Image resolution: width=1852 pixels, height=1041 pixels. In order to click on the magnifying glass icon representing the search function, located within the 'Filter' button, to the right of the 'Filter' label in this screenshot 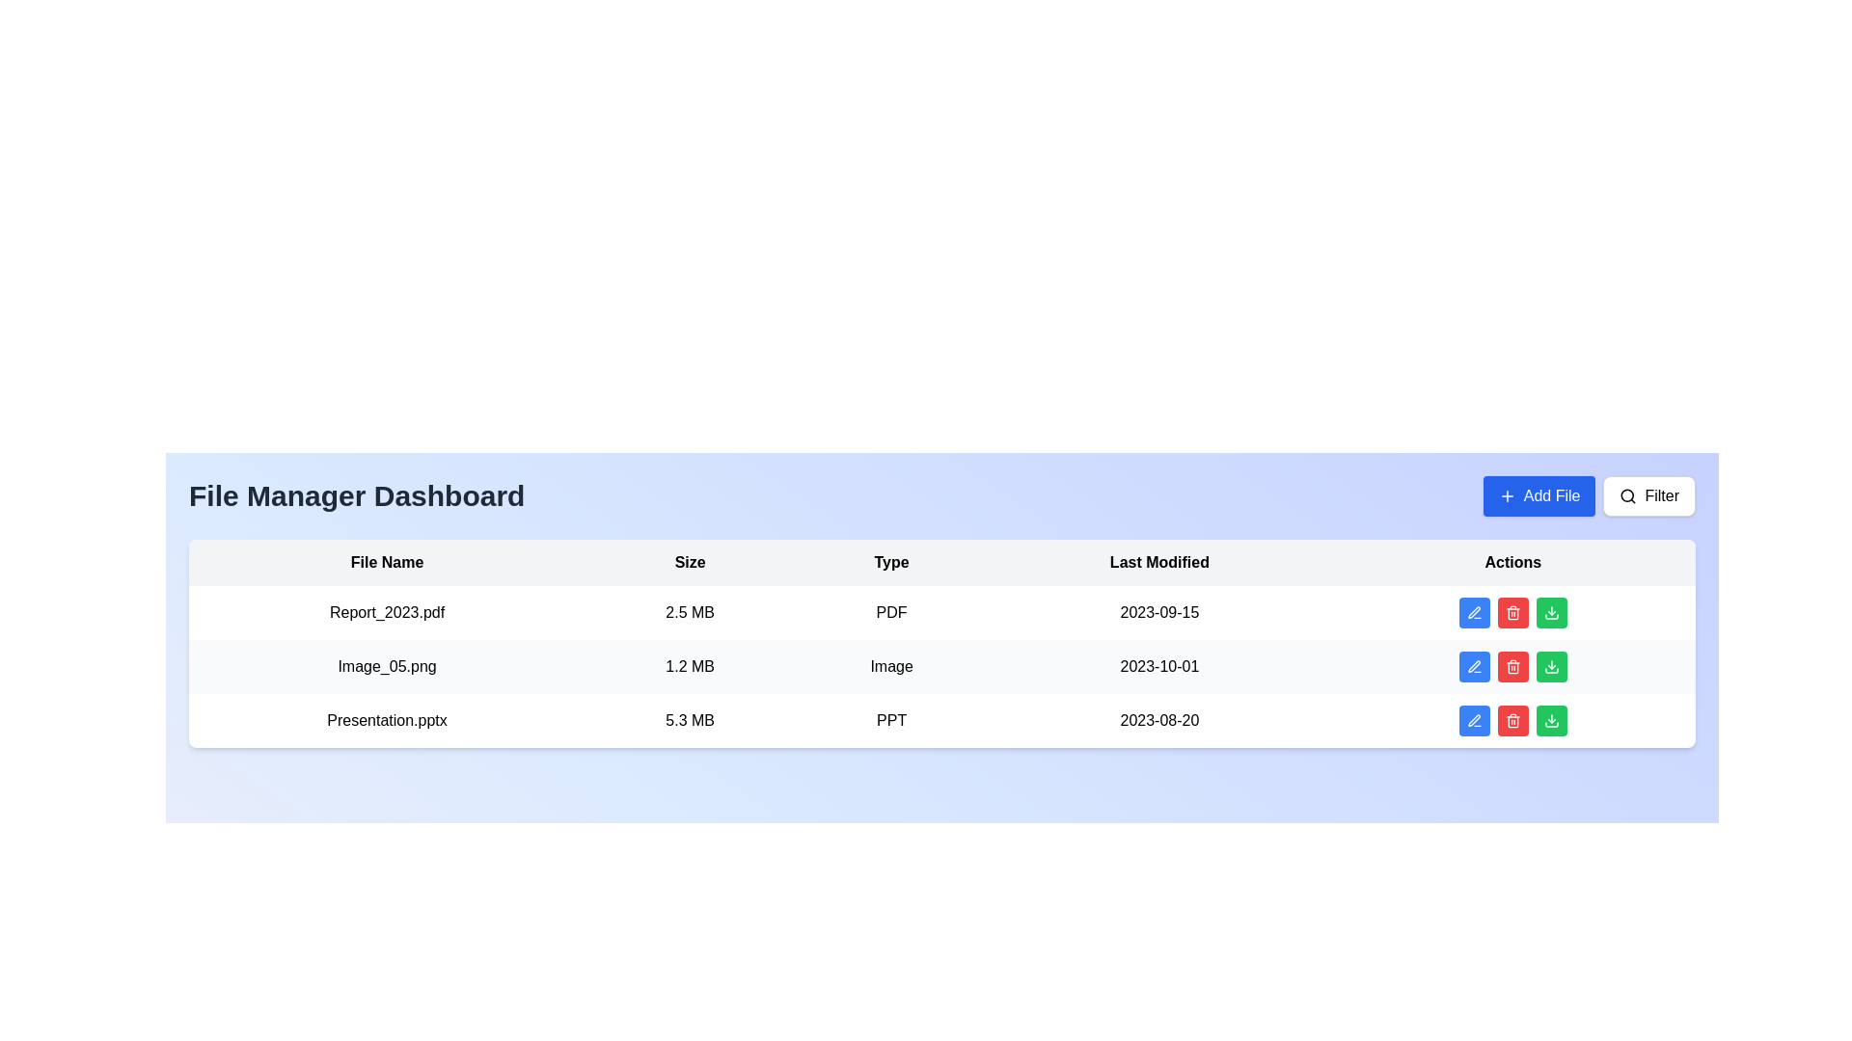, I will do `click(1627, 495)`.